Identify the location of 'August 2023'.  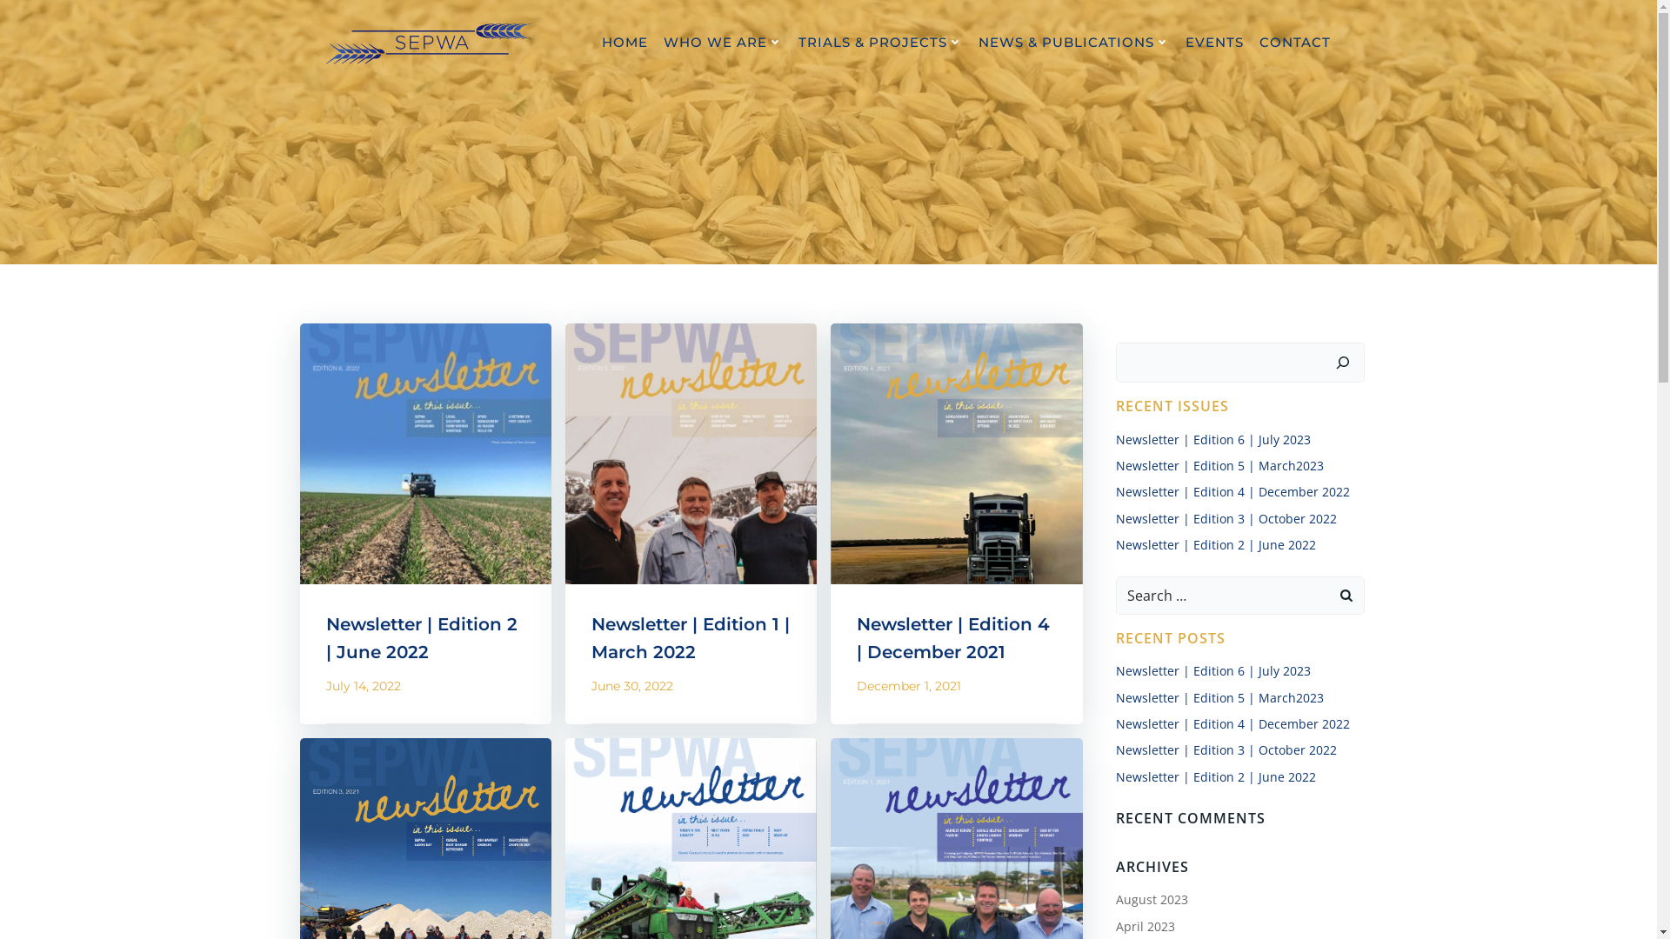
(1152, 899).